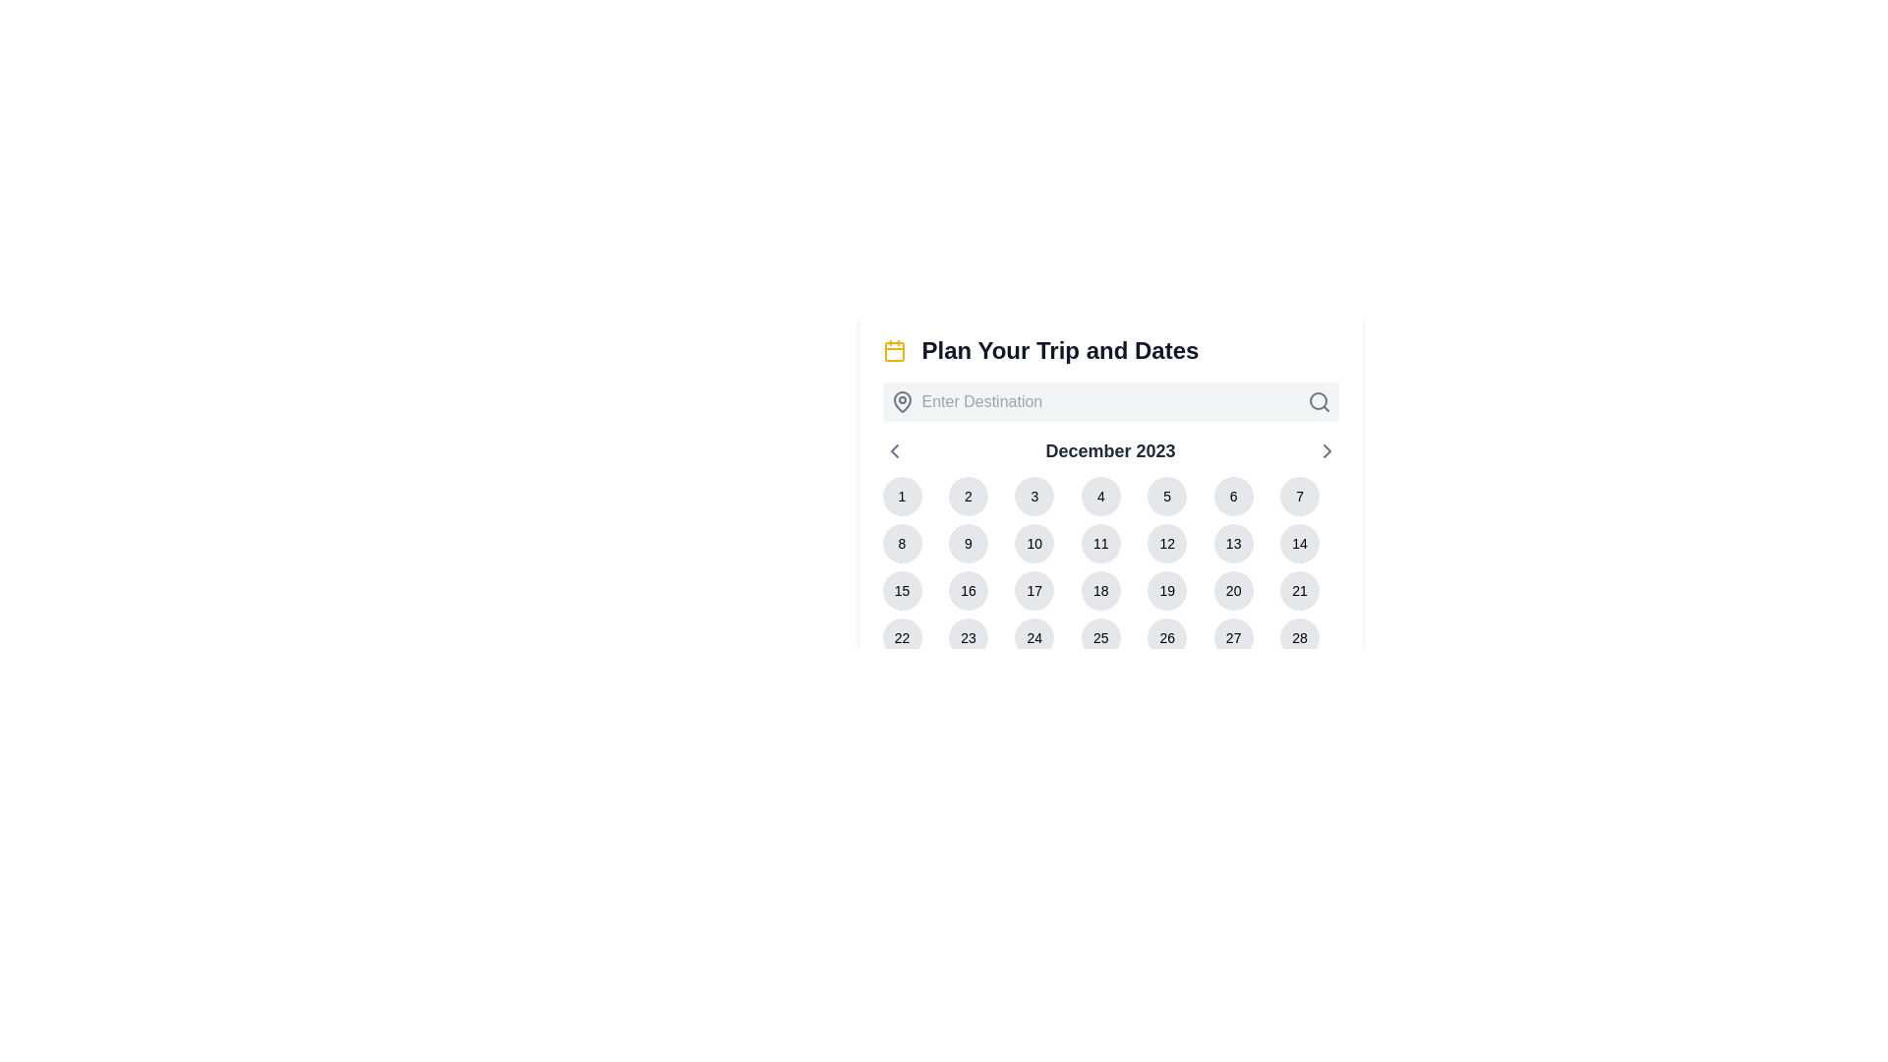  Describe the element at coordinates (1099, 543) in the screenshot. I see `the button` at that location.